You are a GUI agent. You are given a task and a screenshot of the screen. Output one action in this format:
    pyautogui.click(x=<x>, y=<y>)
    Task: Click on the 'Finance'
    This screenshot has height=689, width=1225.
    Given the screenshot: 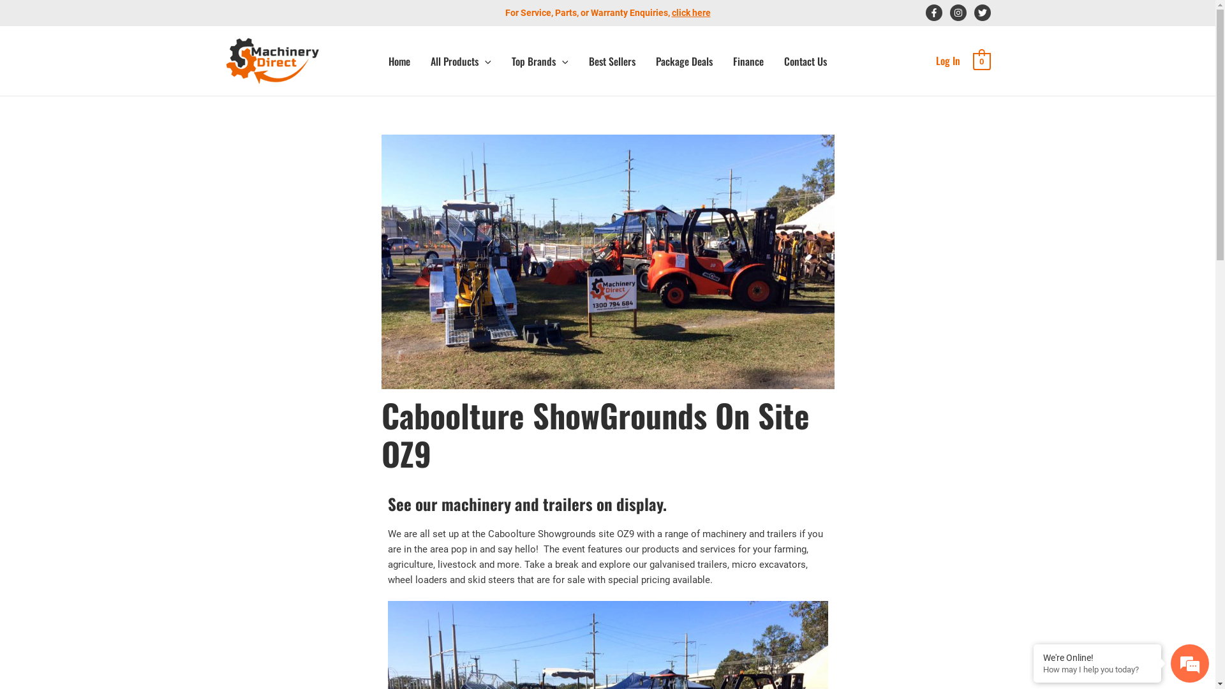 What is the action you would take?
    pyautogui.click(x=722, y=61)
    